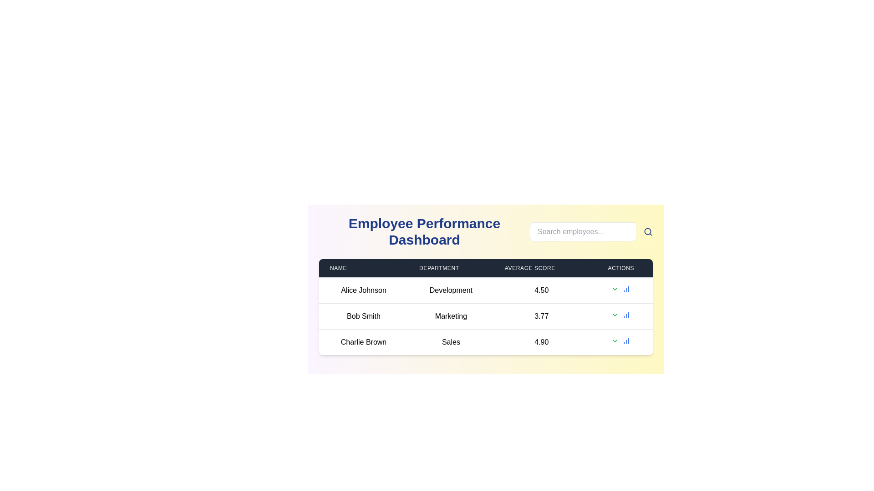 Image resolution: width=874 pixels, height=491 pixels. What do you see at coordinates (648, 231) in the screenshot?
I see `the search icon located on the right side of the 'Search employees...' text input field to initiate the search function` at bounding box center [648, 231].